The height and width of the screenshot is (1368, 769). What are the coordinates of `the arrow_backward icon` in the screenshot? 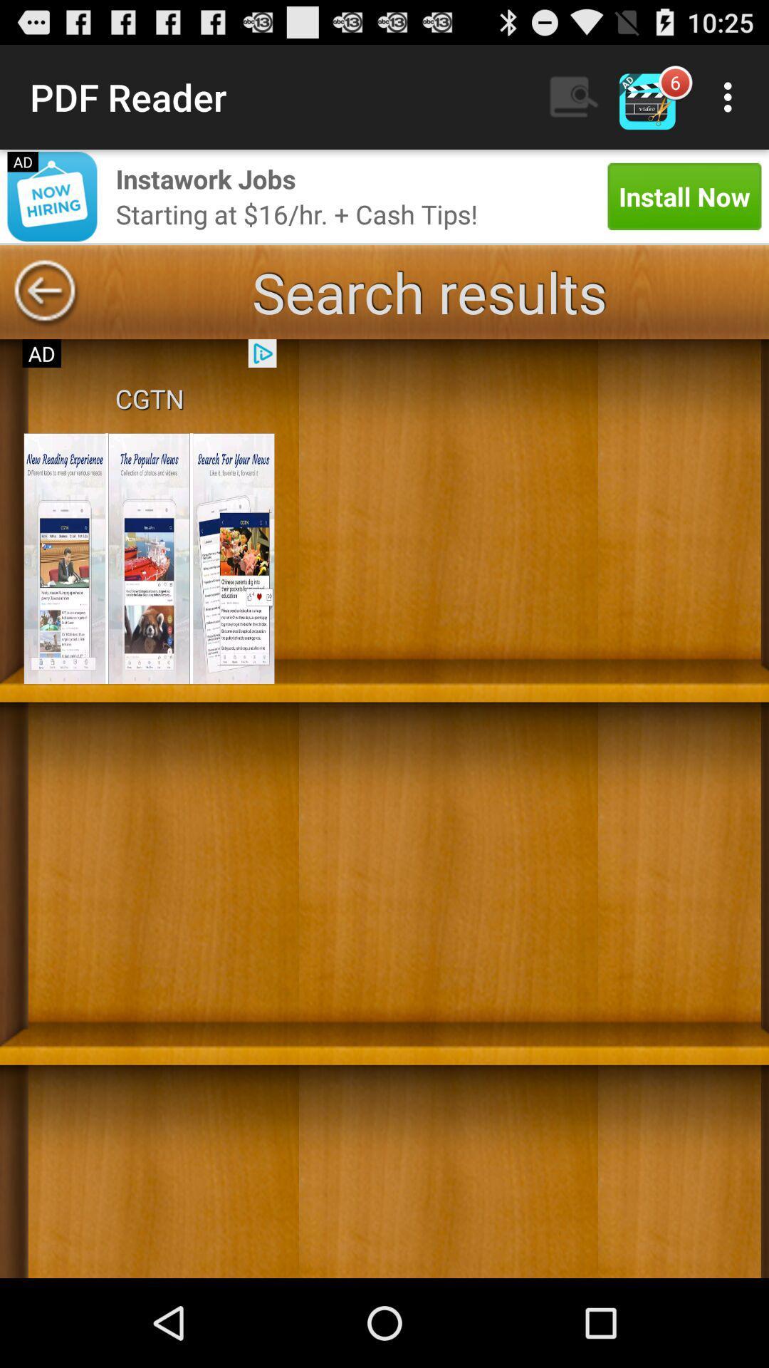 It's located at (43, 312).